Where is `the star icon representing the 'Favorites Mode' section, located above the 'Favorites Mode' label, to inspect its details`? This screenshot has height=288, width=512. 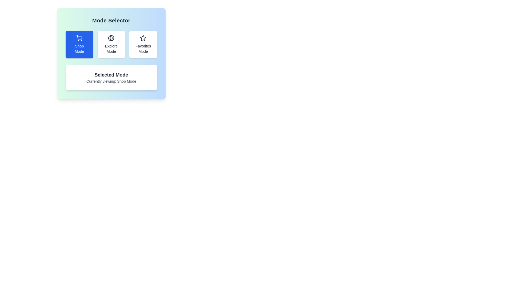
the star icon representing the 'Favorites Mode' section, located above the 'Favorites Mode' label, to inspect its details is located at coordinates (143, 38).